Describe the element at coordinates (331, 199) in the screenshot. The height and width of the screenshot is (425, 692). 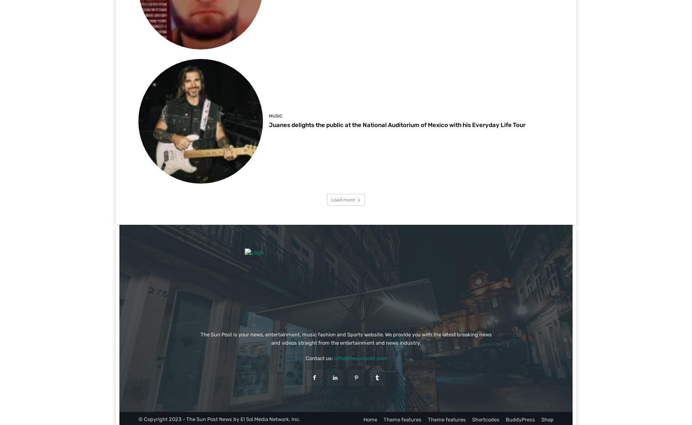
I see `'Load more'` at that location.